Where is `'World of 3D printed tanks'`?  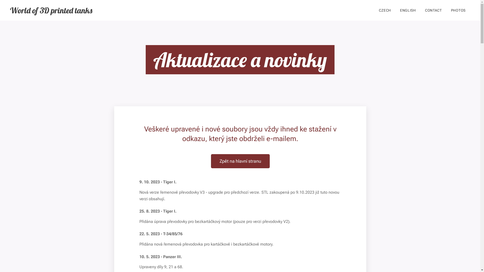
'World of 3D printed tanks' is located at coordinates (51, 10).